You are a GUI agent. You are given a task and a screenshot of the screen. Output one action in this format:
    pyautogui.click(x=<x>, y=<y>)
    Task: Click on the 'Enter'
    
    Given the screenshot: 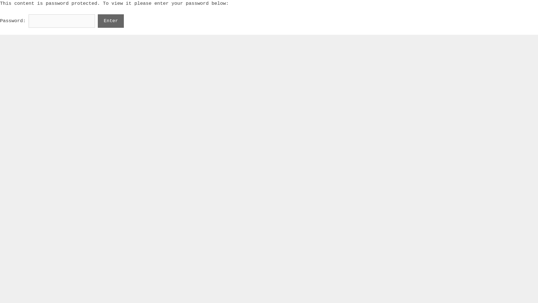 What is the action you would take?
    pyautogui.click(x=98, y=20)
    